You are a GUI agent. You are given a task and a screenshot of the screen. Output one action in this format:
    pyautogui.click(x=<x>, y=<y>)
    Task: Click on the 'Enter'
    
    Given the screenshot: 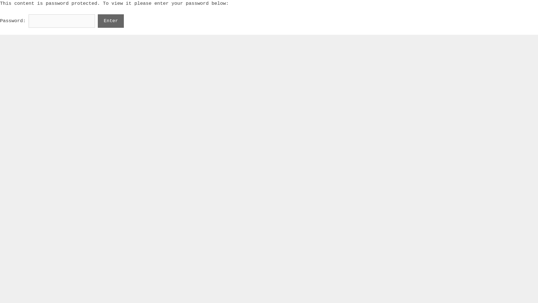 What is the action you would take?
    pyautogui.click(x=98, y=20)
    